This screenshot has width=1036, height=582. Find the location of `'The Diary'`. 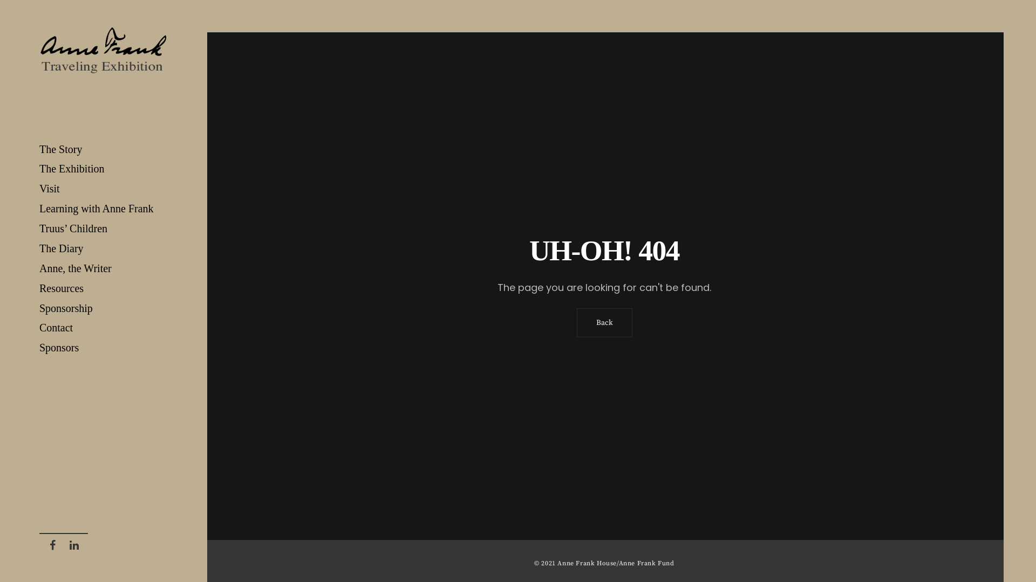

'The Diary' is located at coordinates (39, 248).